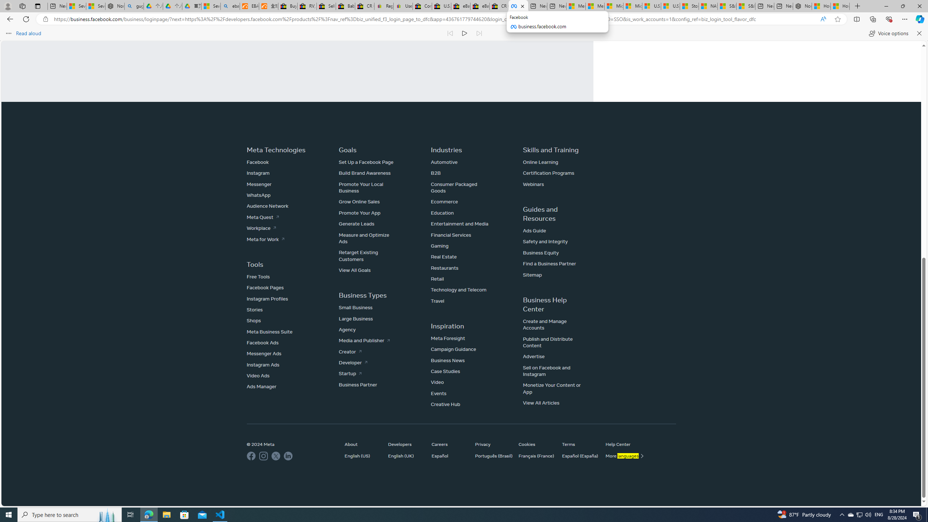  What do you see at coordinates (453, 349) in the screenshot?
I see `'Campaign Guidance'` at bounding box center [453, 349].